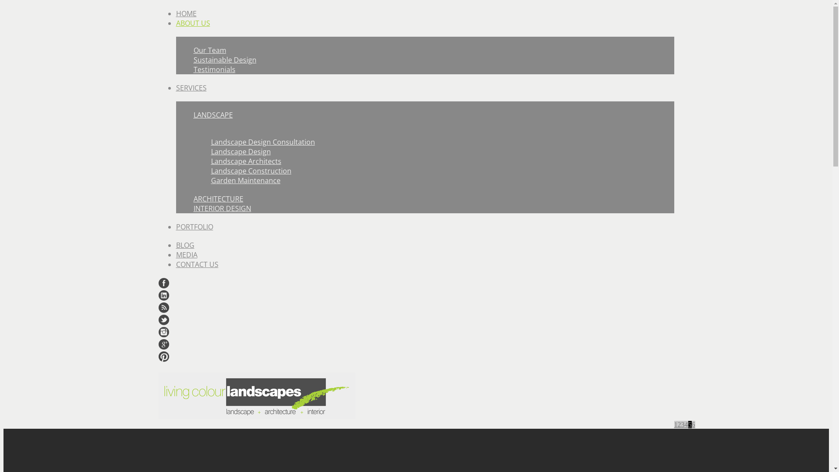 This screenshot has width=839, height=472. I want to click on 'HOME', so click(185, 13).